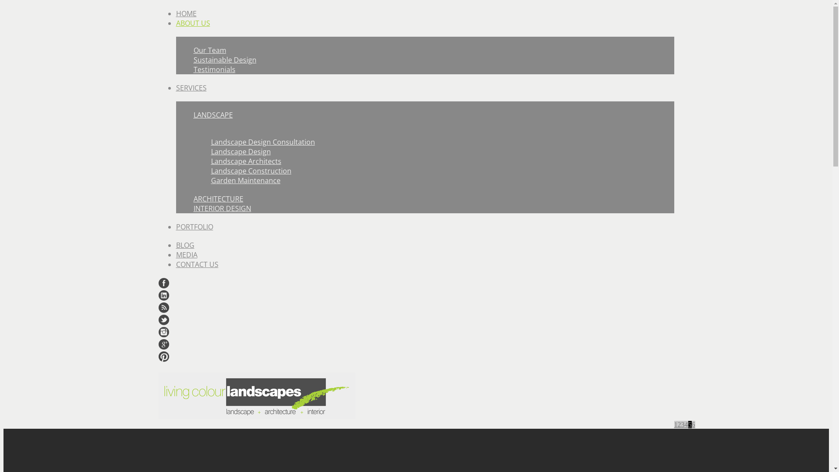 This screenshot has width=839, height=472. I want to click on 'HOME', so click(185, 13).